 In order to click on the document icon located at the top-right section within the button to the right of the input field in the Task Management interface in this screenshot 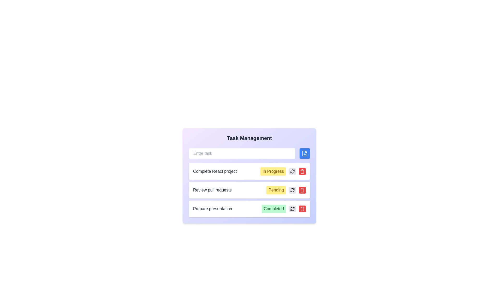, I will do `click(305, 153)`.